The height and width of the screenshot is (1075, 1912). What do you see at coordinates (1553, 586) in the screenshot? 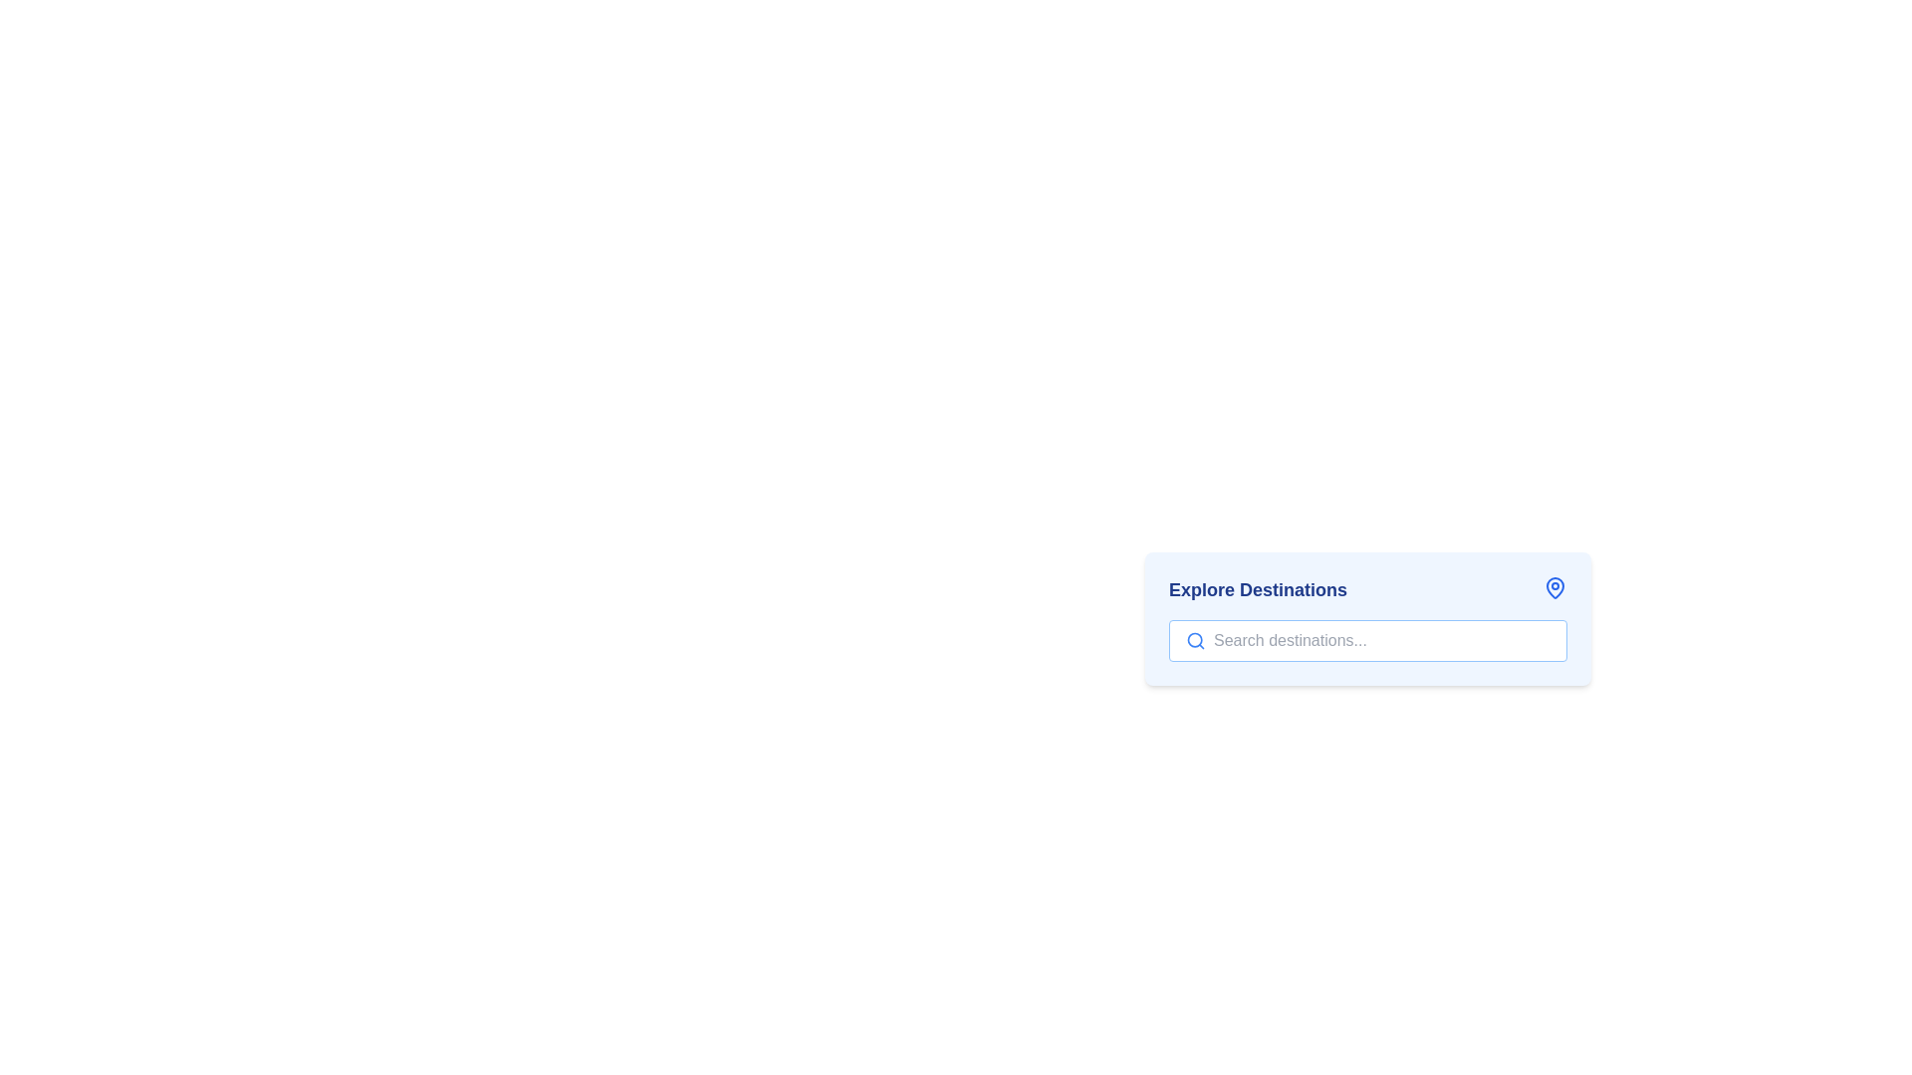
I see `the map pin icon located at the far right within the header area of the 'Explore Destinations' section to initiate a location-related feature` at bounding box center [1553, 586].